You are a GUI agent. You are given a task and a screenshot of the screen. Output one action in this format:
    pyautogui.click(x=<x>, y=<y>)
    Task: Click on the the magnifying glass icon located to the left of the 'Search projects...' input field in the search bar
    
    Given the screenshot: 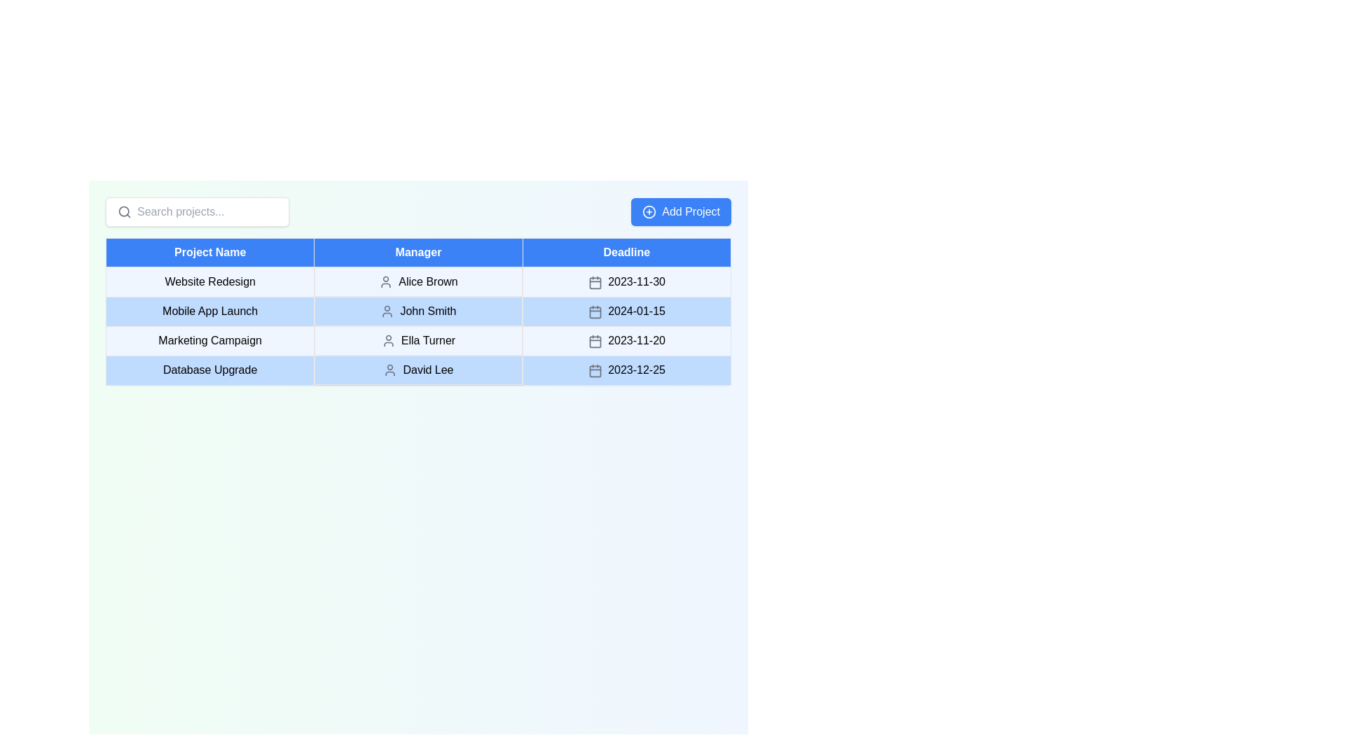 What is the action you would take?
    pyautogui.click(x=124, y=212)
    